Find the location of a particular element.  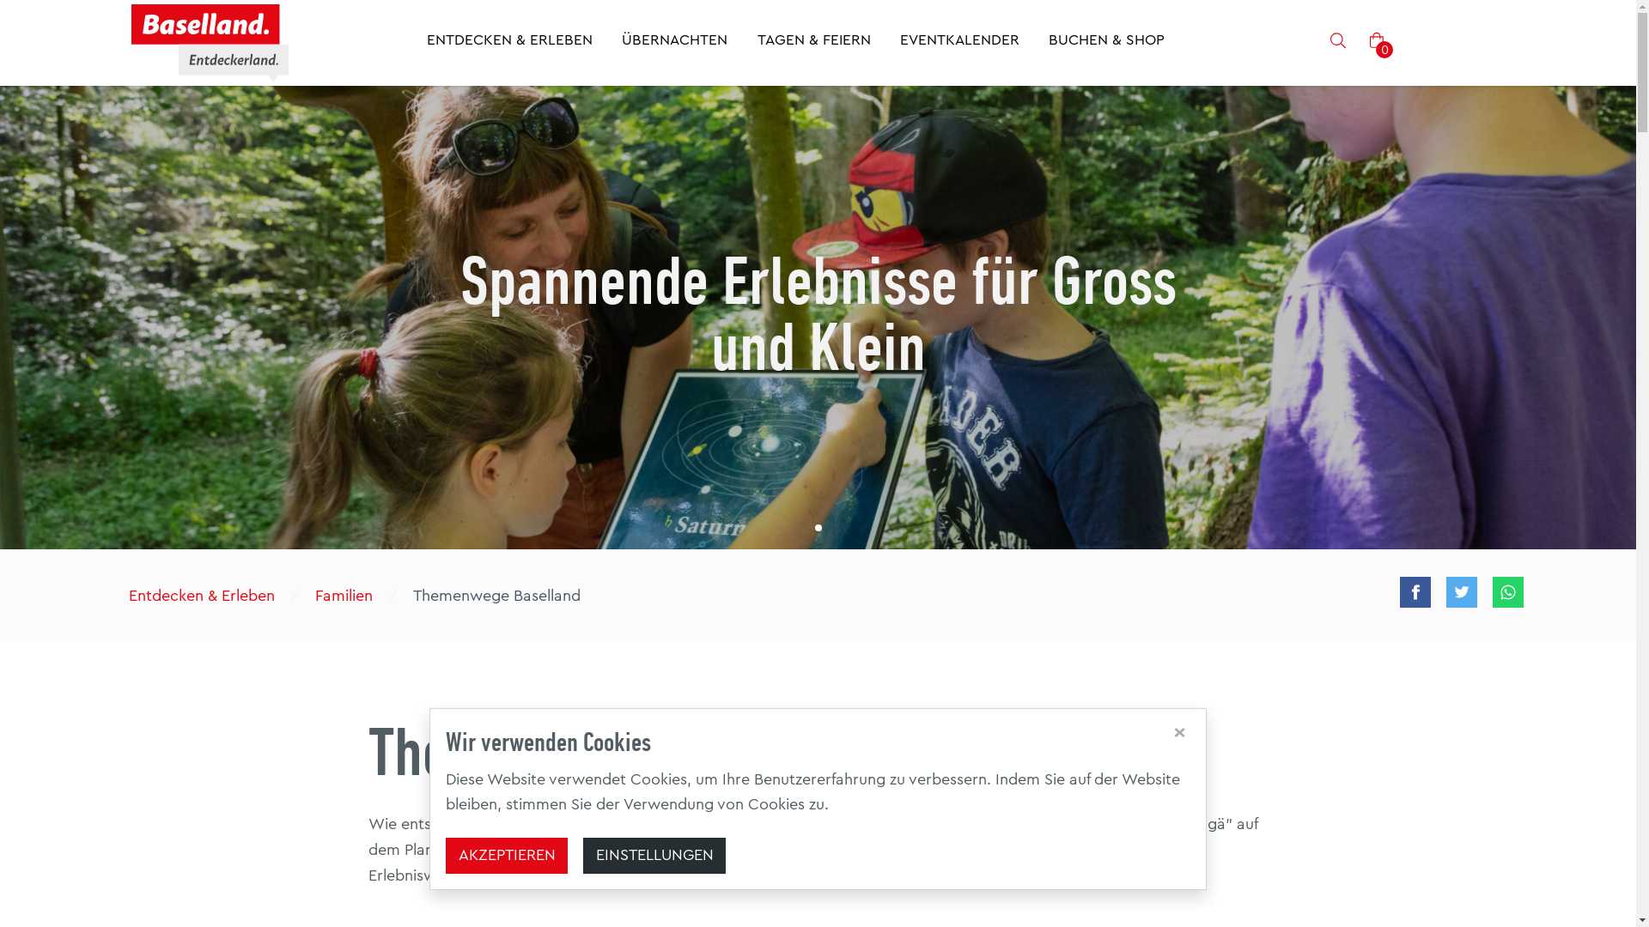

'TAGEN & FEIERN' is located at coordinates (812, 42).